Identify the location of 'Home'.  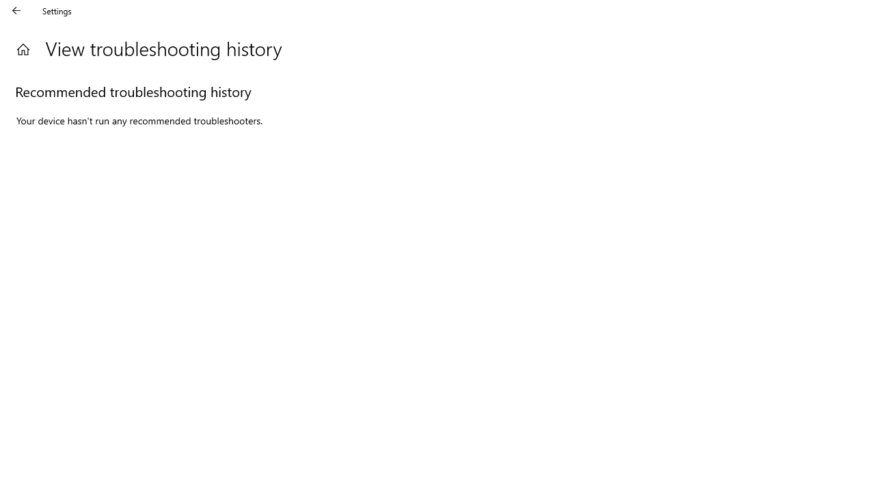
(23, 49).